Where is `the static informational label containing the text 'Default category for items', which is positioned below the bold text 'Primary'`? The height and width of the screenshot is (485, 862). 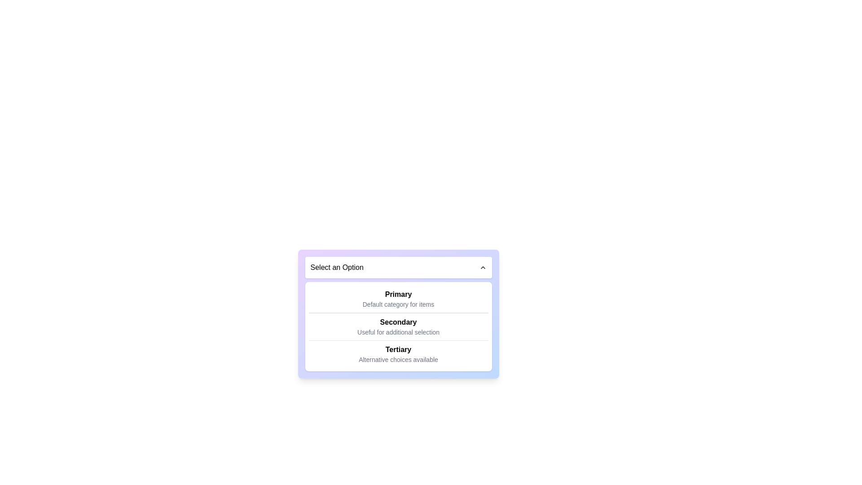 the static informational label containing the text 'Default category for items', which is positioned below the bold text 'Primary' is located at coordinates (398, 304).